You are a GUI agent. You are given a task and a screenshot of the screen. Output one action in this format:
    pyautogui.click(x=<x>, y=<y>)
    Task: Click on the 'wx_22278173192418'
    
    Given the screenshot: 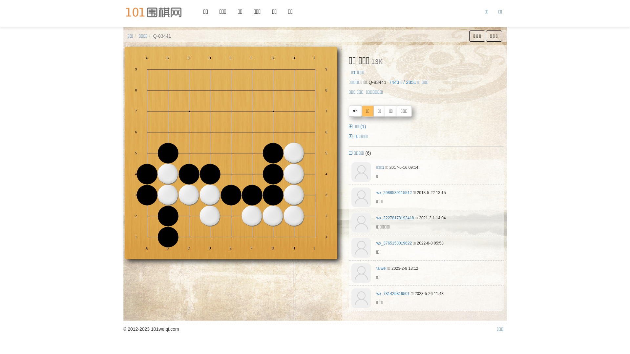 What is the action you would take?
    pyautogui.click(x=376, y=218)
    